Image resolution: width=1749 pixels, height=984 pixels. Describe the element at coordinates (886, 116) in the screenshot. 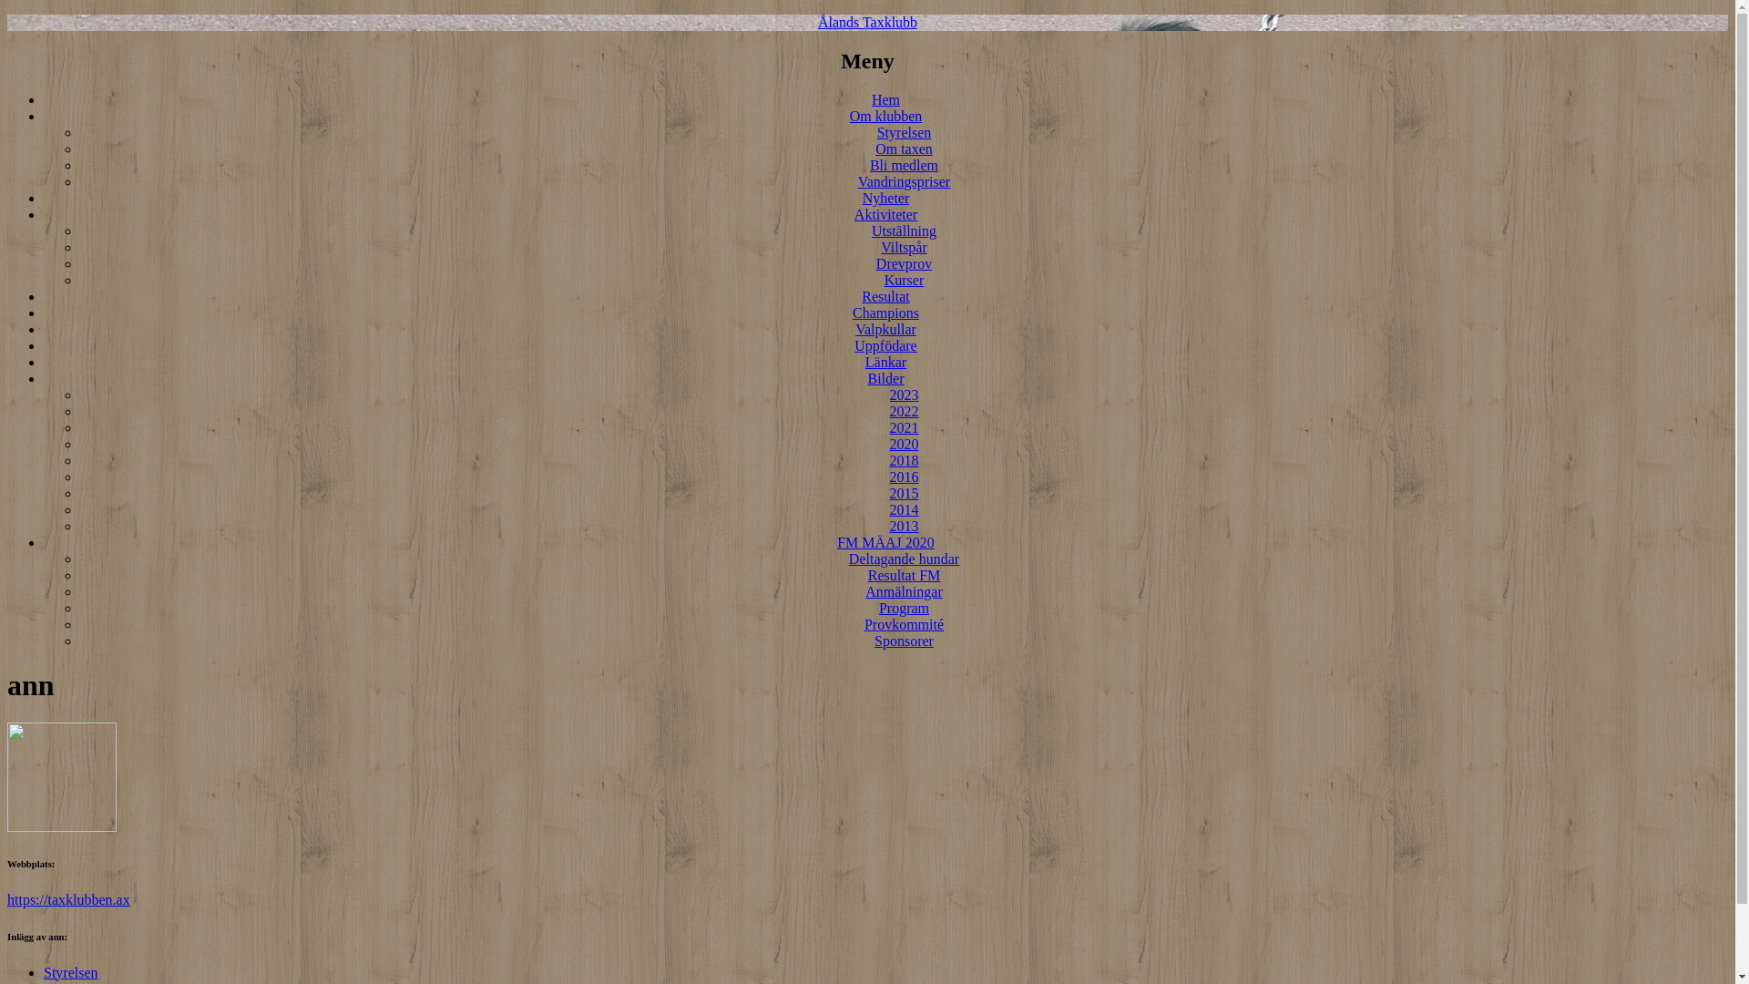

I see `'Om klubben'` at that location.